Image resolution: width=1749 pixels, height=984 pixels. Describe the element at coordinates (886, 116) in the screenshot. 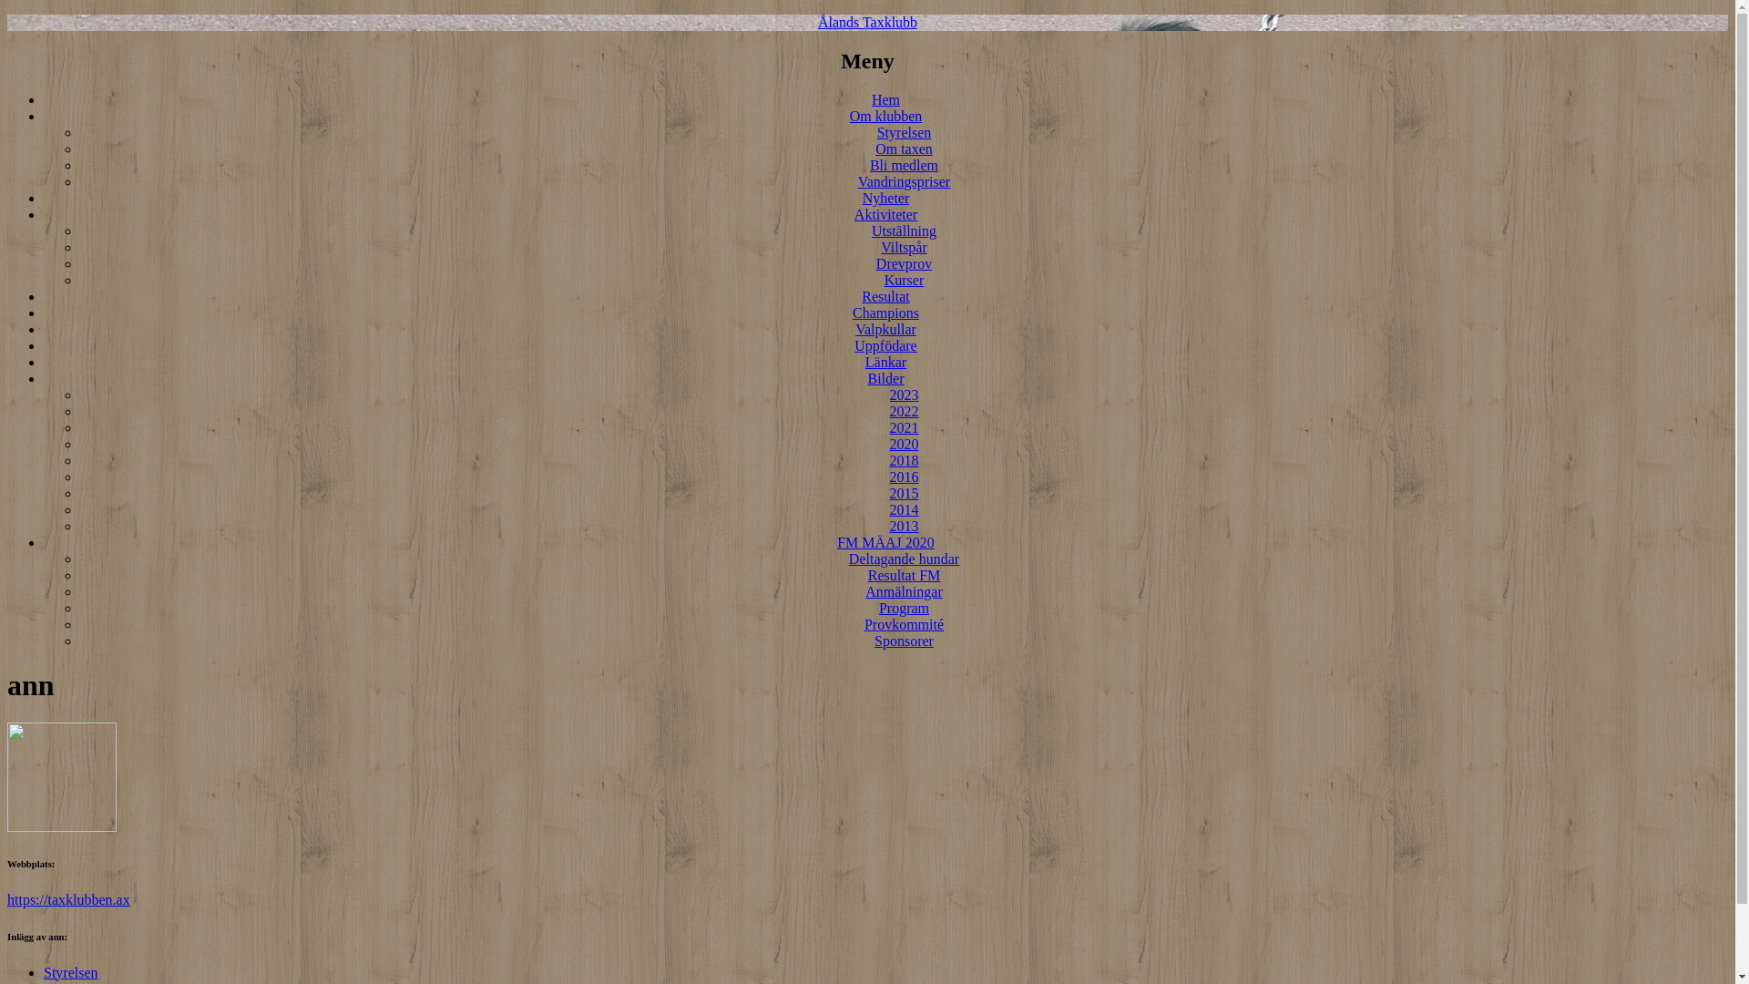

I see `'Om klubben'` at that location.